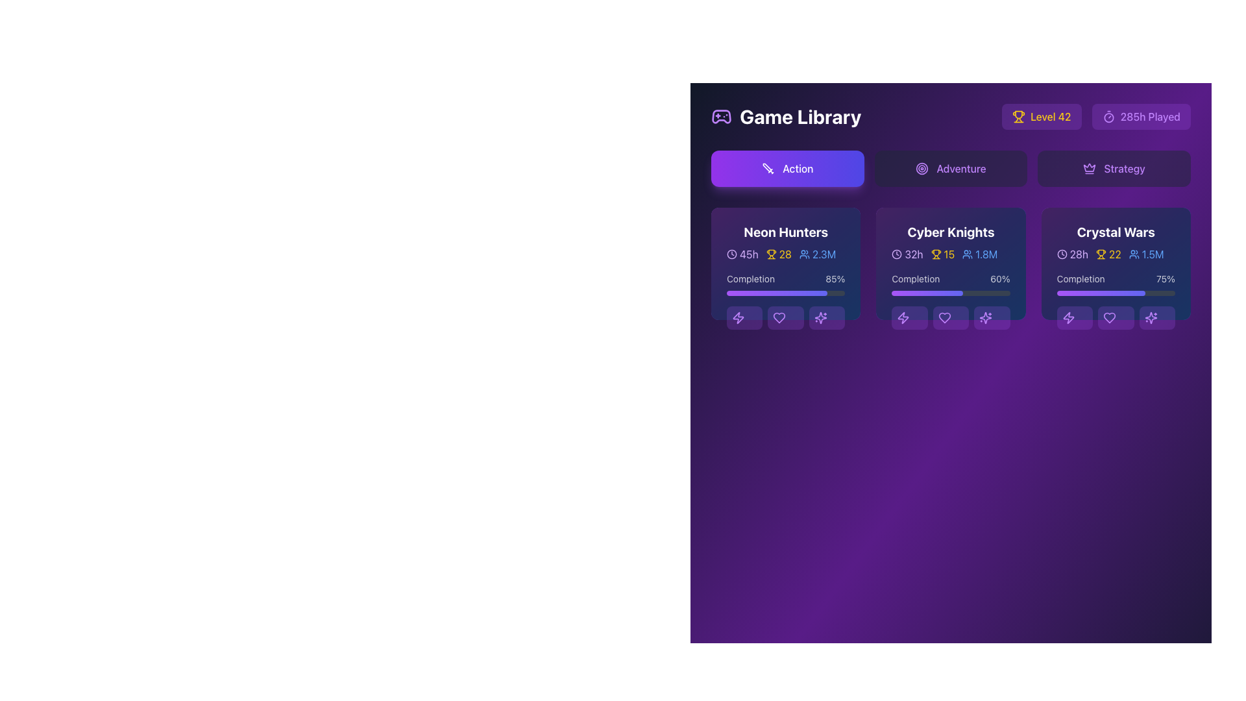 Image resolution: width=1246 pixels, height=701 pixels. What do you see at coordinates (749, 254) in the screenshot?
I see `the text label displaying '45h' in light purple color, which is part of the 'Neon Hunters' game card` at bounding box center [749, 254].